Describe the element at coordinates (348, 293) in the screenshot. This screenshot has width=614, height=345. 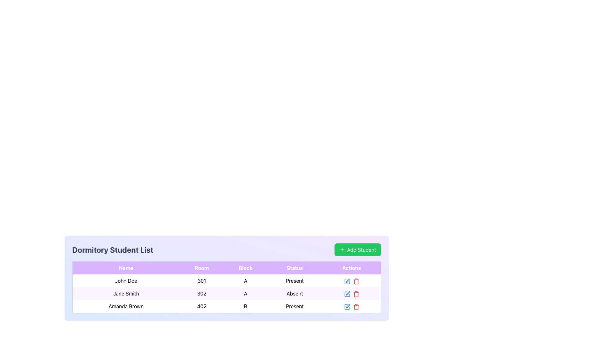
I see `the Icon Button in the second row of the table under the 'Actions' column` at that location.